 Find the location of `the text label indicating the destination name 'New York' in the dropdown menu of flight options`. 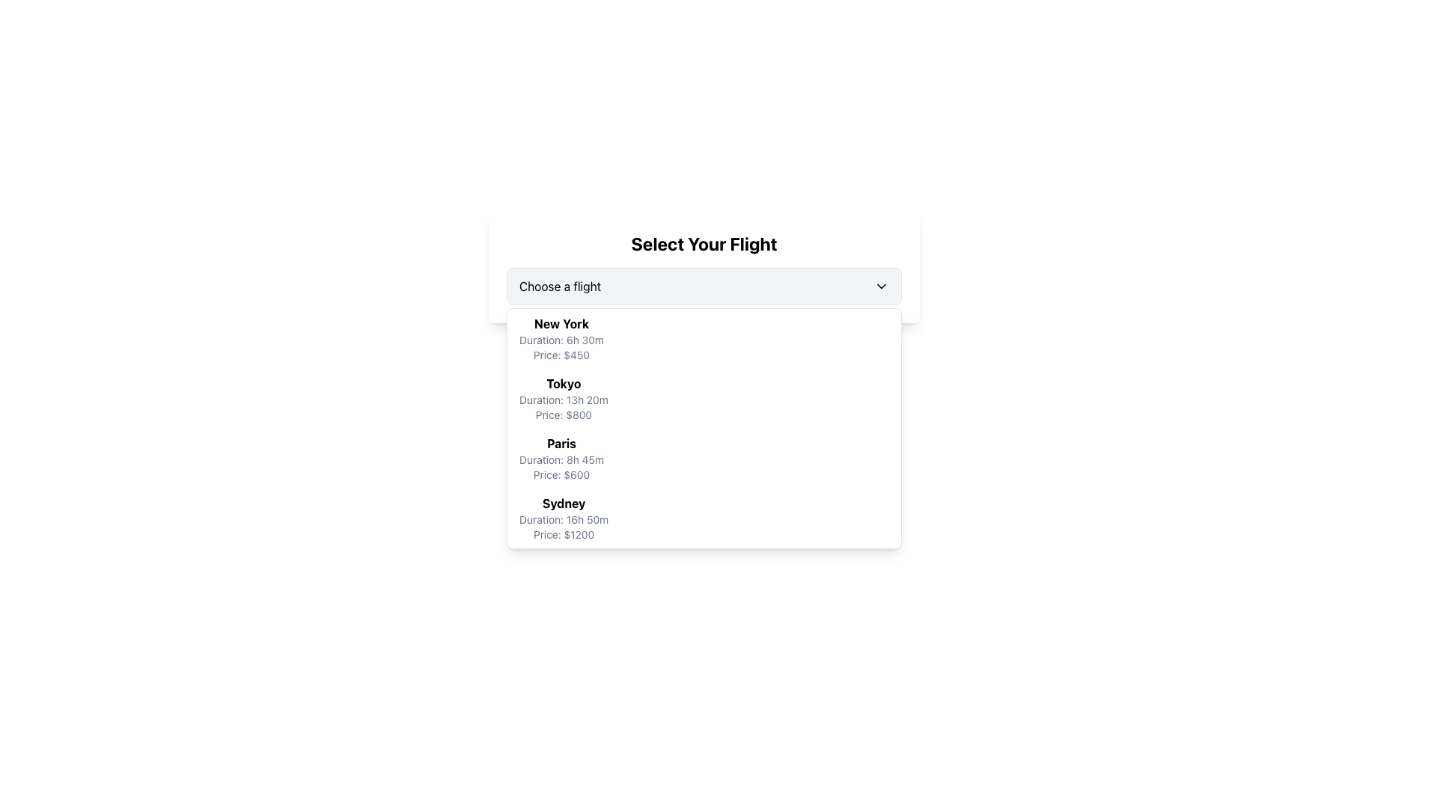

the text label indicating the destination name 'New York' in the dropdown menu of flight options is located at coordinates (561, 322).